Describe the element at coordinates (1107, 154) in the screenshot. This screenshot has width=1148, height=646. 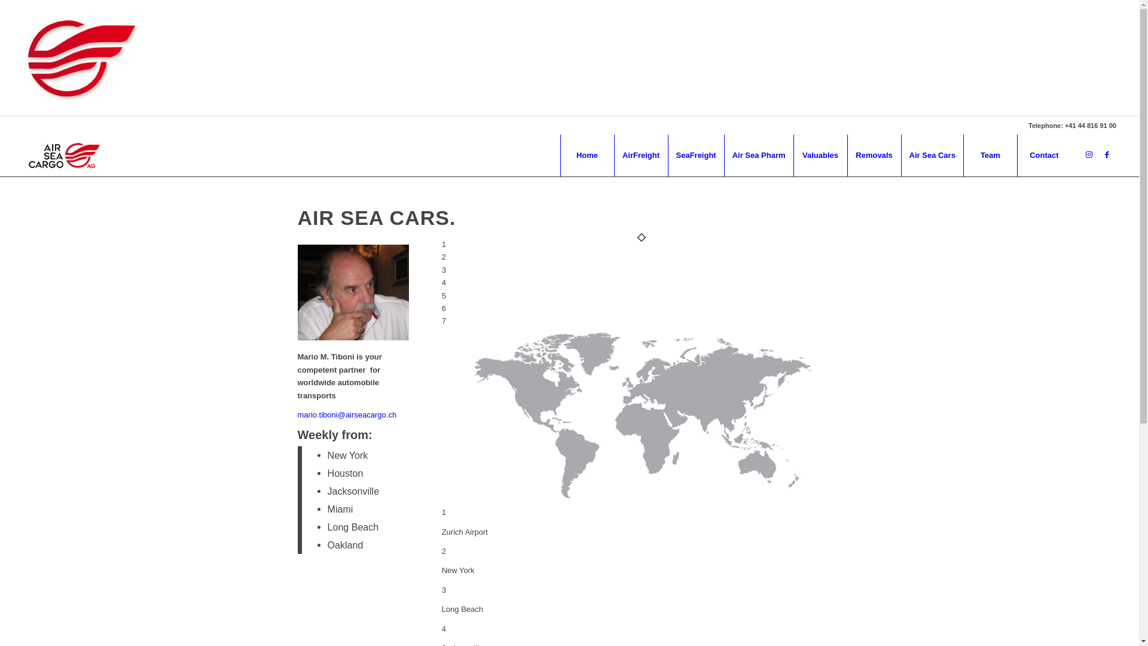
I see `'Facebook'` at that location.